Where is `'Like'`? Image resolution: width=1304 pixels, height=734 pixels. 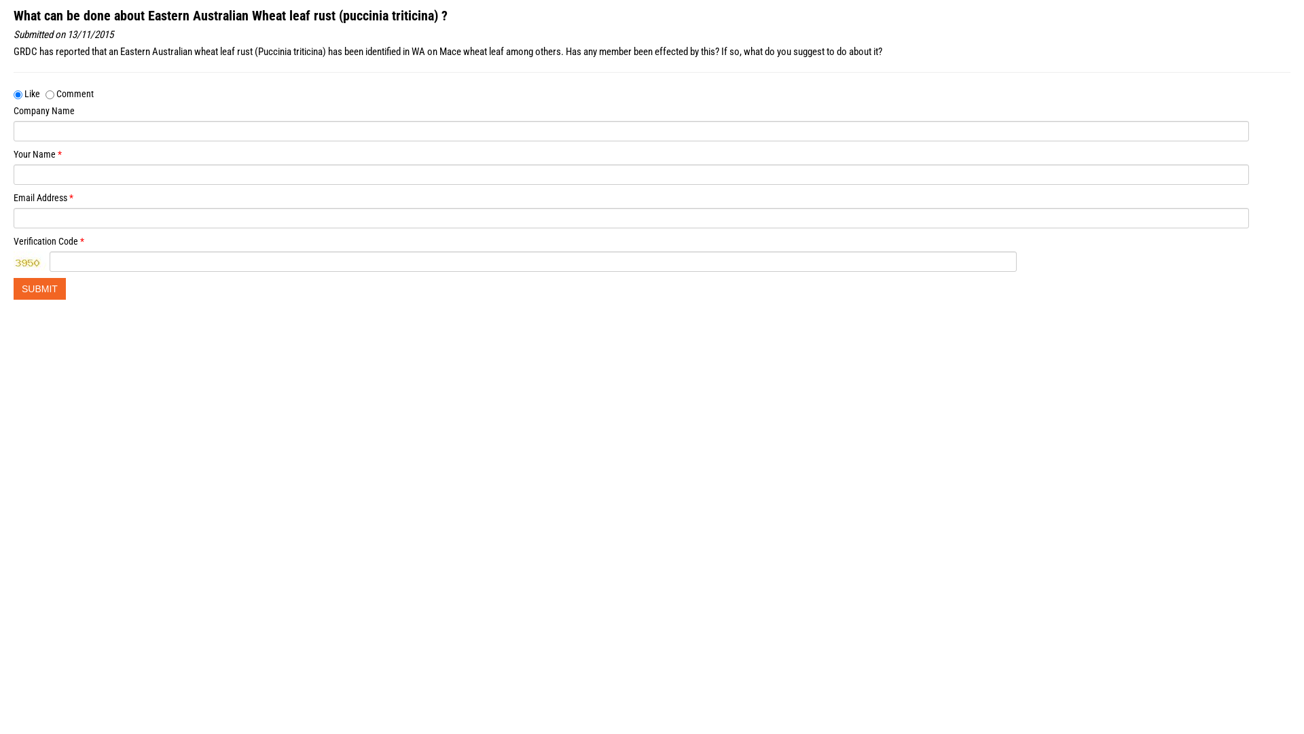 'Like' is located at coordinates (18, 94).